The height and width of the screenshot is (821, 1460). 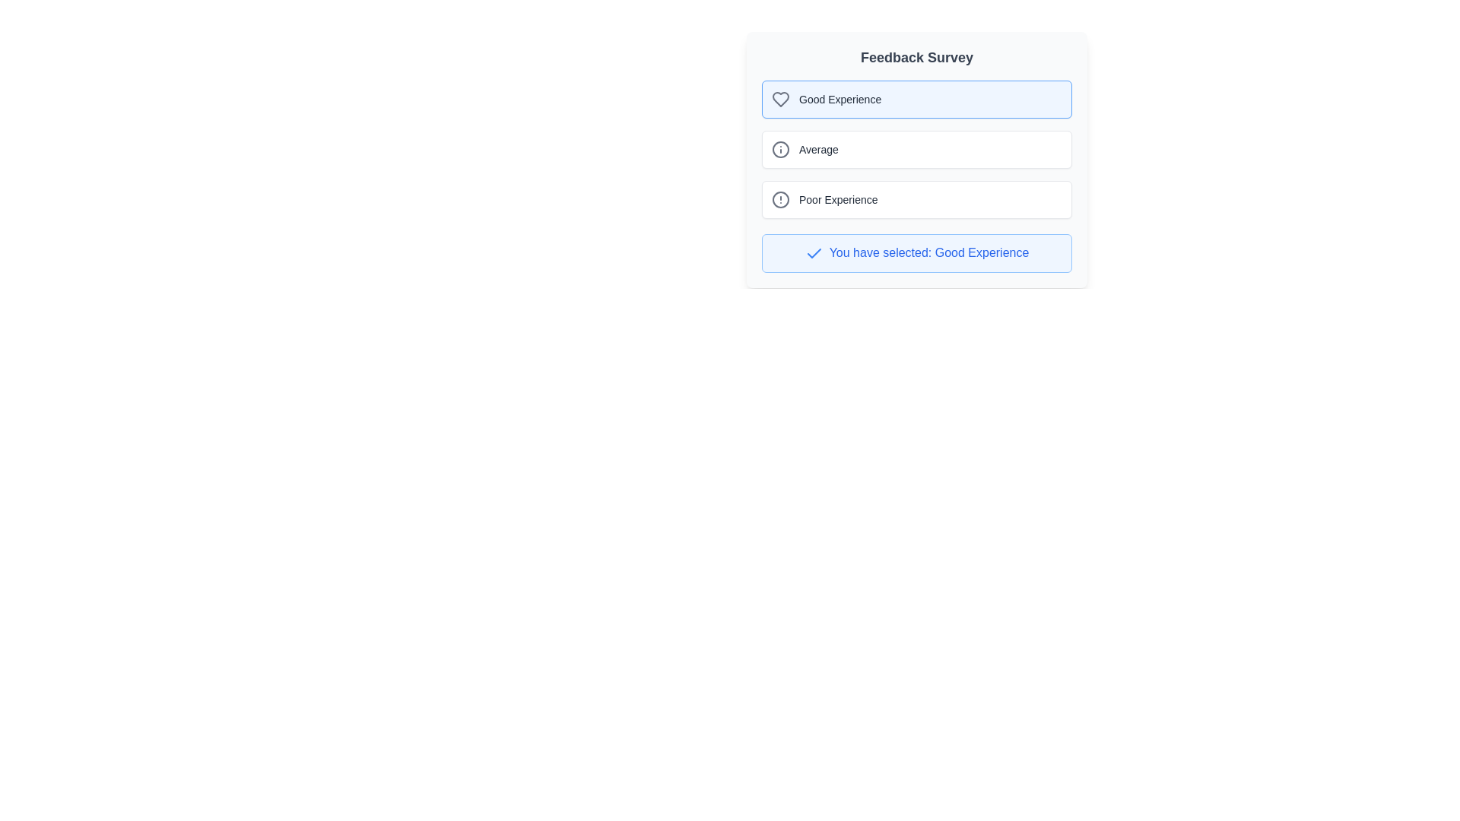 I want to click on the second button in the Feedback Survey section to change its style, so click(x=916, y=149).